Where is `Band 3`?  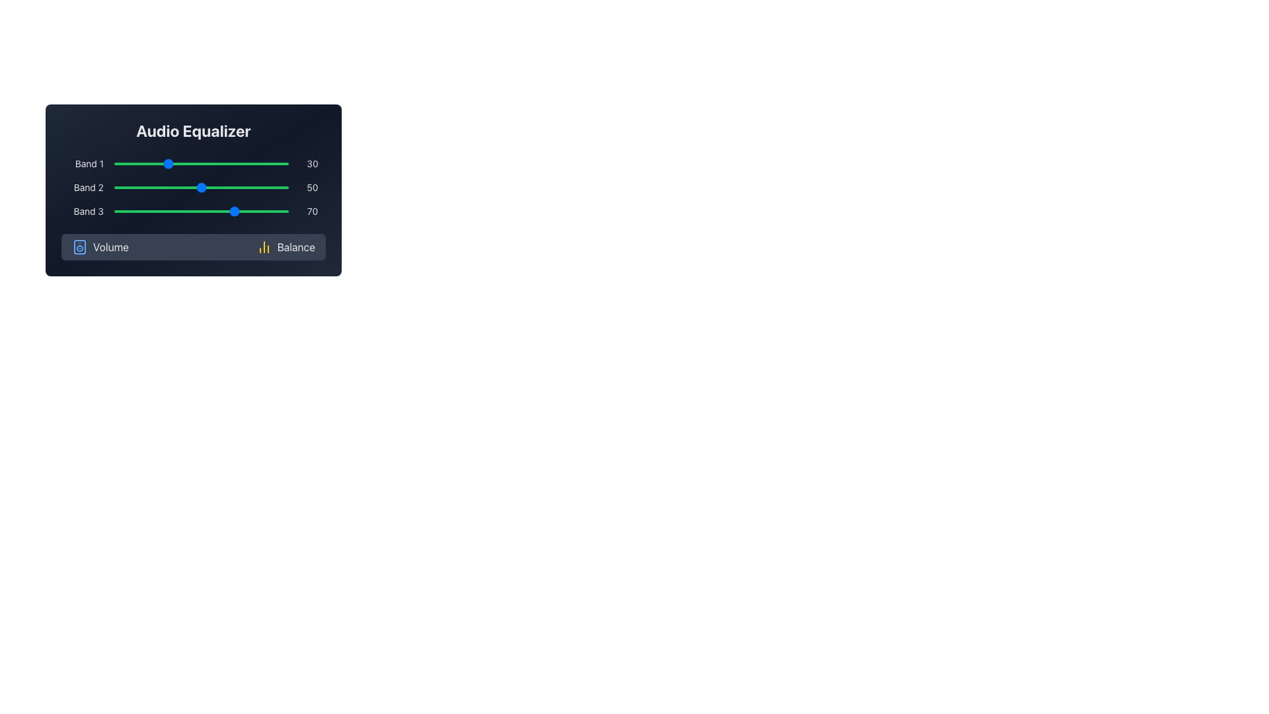
Band 3 is located at coordinates (276, 211).